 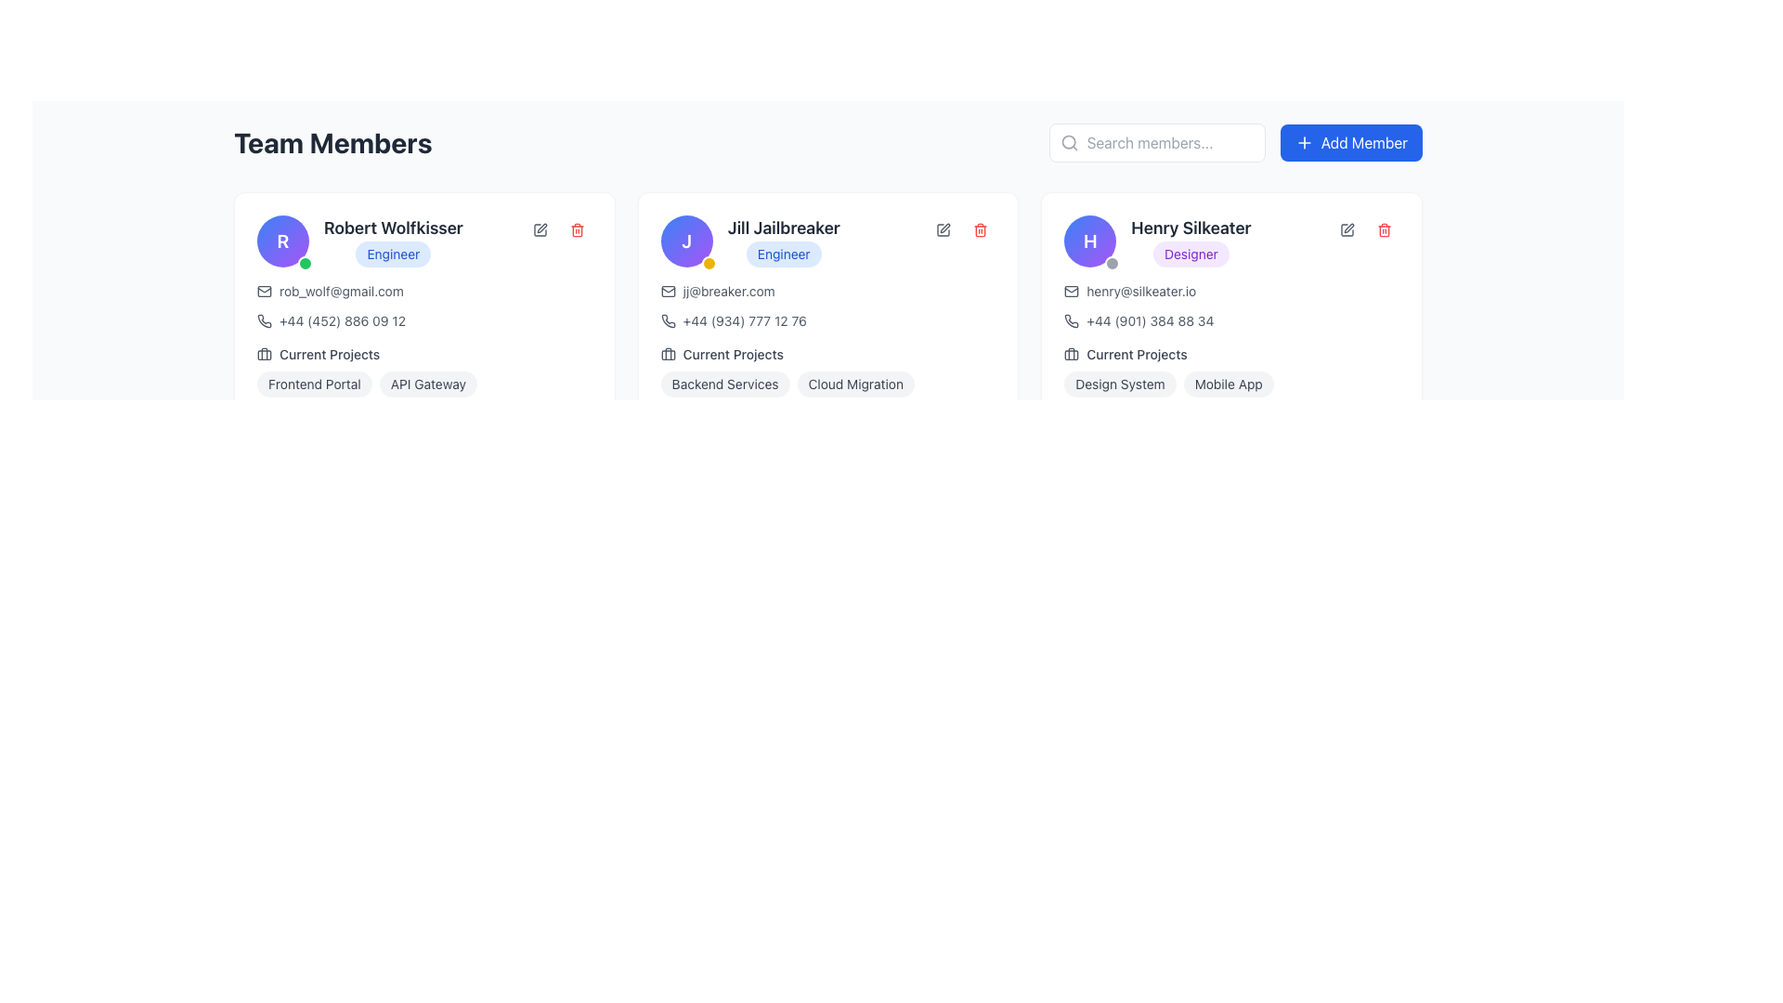 I want to click on the static text element that displays the name of the individual within the first team card on the left, located to the right of the circular avatar icon, so click(x=392, y=228).